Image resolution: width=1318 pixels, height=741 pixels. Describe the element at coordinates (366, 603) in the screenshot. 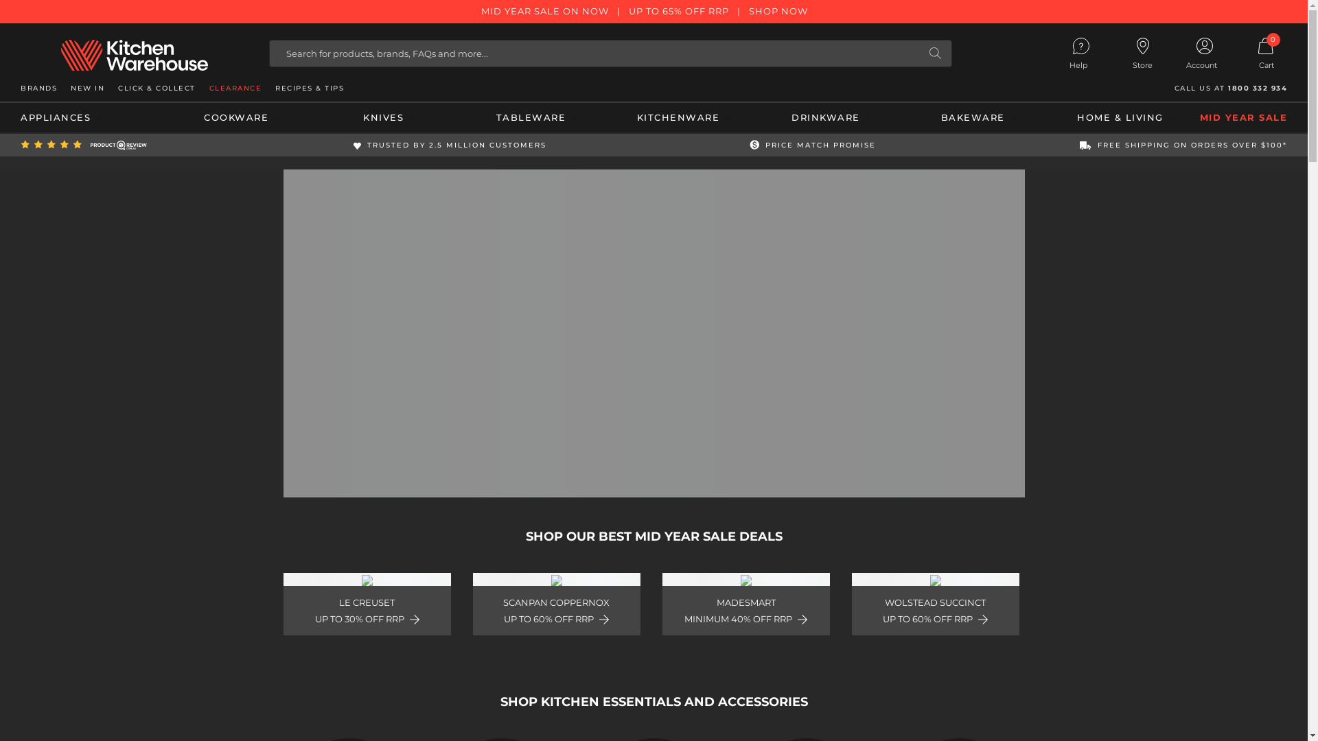

I see `'LE CREUSET` at that location.